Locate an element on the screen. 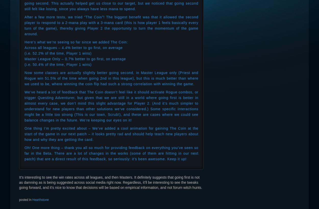 This screenshot has width=319, height=209. 'After a few more tests, we tried “The Coin”! The biggest benefit was that it allowed the second player to respond to a 2-mana play with a 3-mana card (this is how player 1 feels basically every turn of the game), thereby giving Player 2 the opportunity to turn the momentum of the game around.' is located at coordinates (111, 25).